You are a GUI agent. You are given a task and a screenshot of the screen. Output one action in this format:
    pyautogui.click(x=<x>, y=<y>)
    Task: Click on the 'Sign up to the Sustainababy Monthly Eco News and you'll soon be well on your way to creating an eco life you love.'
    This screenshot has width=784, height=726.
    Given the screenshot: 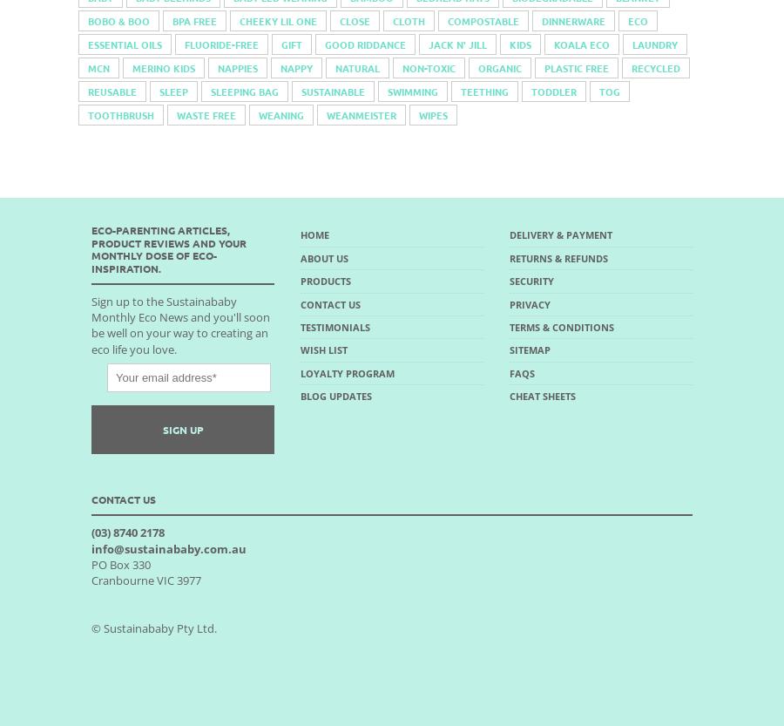 What is the action you would take?
    pyautogui.click(x=180, y=324)
    